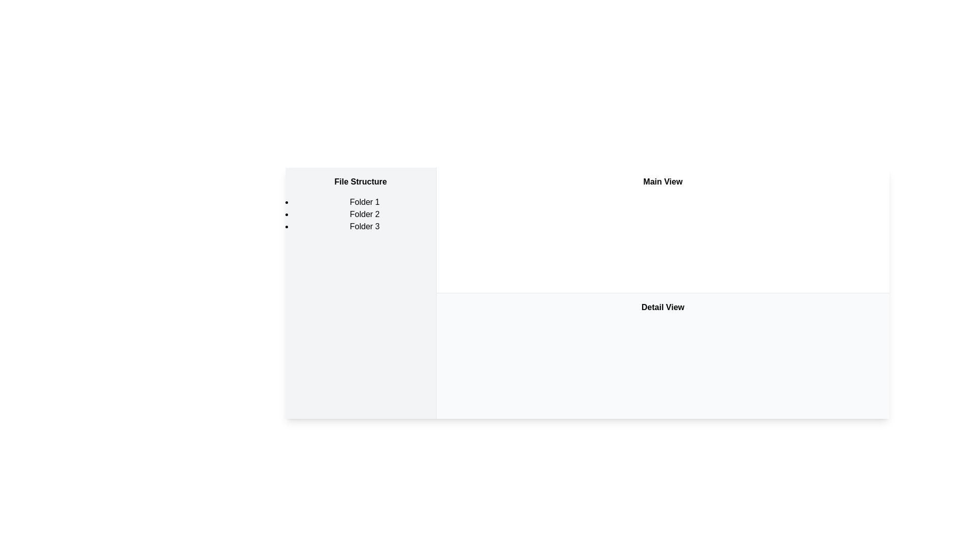 The image size is (977, 549). Describe the element at coordinates (364, 213) in the screenshot. I see `text label displaying 'Folder 2', which is the second item in a vertical list of three items labeled 'Folder 1', 'Folder 2', and 'Folder 3'` at that location.